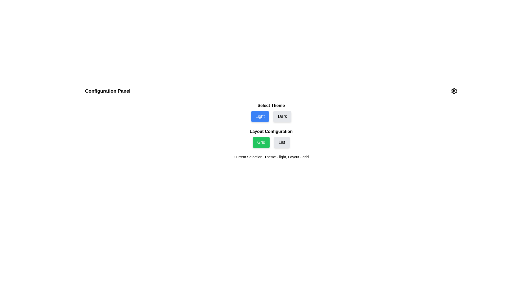 The height and width of the screenshot is (286, 509). What do you see at coordinates (454, 91) in the screenshot?
I see `the gear icon located` at bounding box center [454, 91].